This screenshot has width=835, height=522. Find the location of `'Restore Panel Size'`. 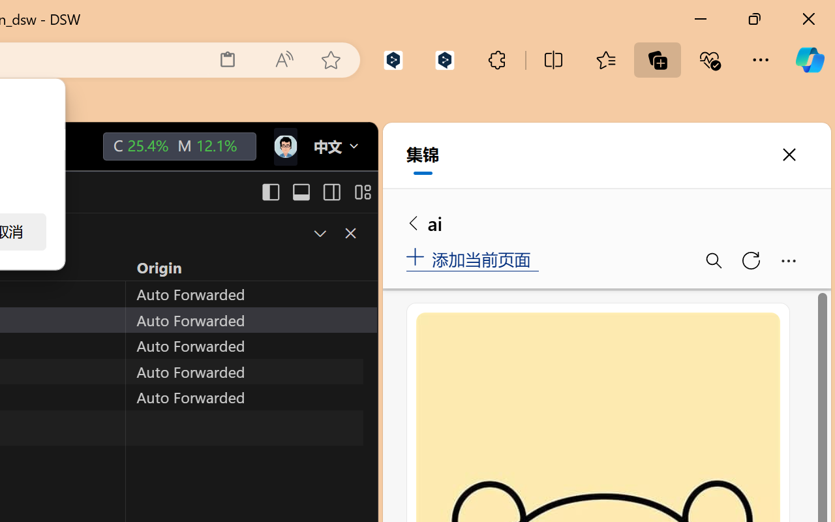

'Restore Panel Size' is located at coordinates (318, 233).